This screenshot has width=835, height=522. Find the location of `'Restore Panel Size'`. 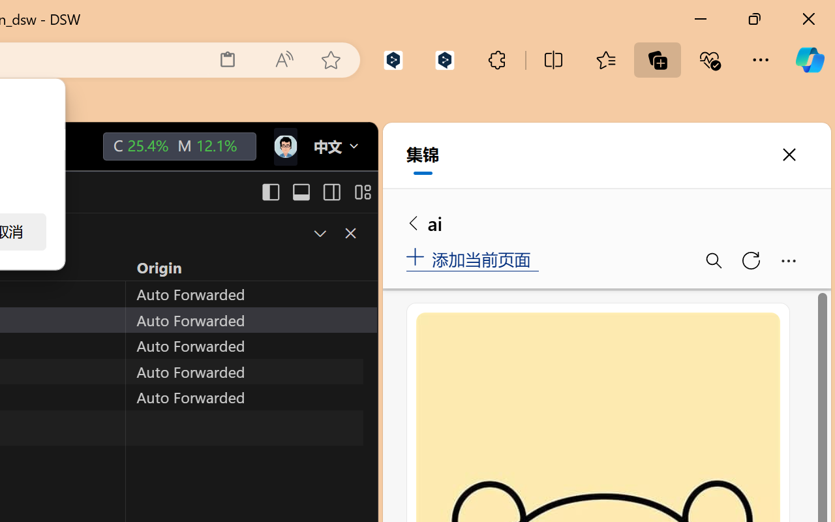

'Restore Panel Size' is located at coordinates (318, 233).